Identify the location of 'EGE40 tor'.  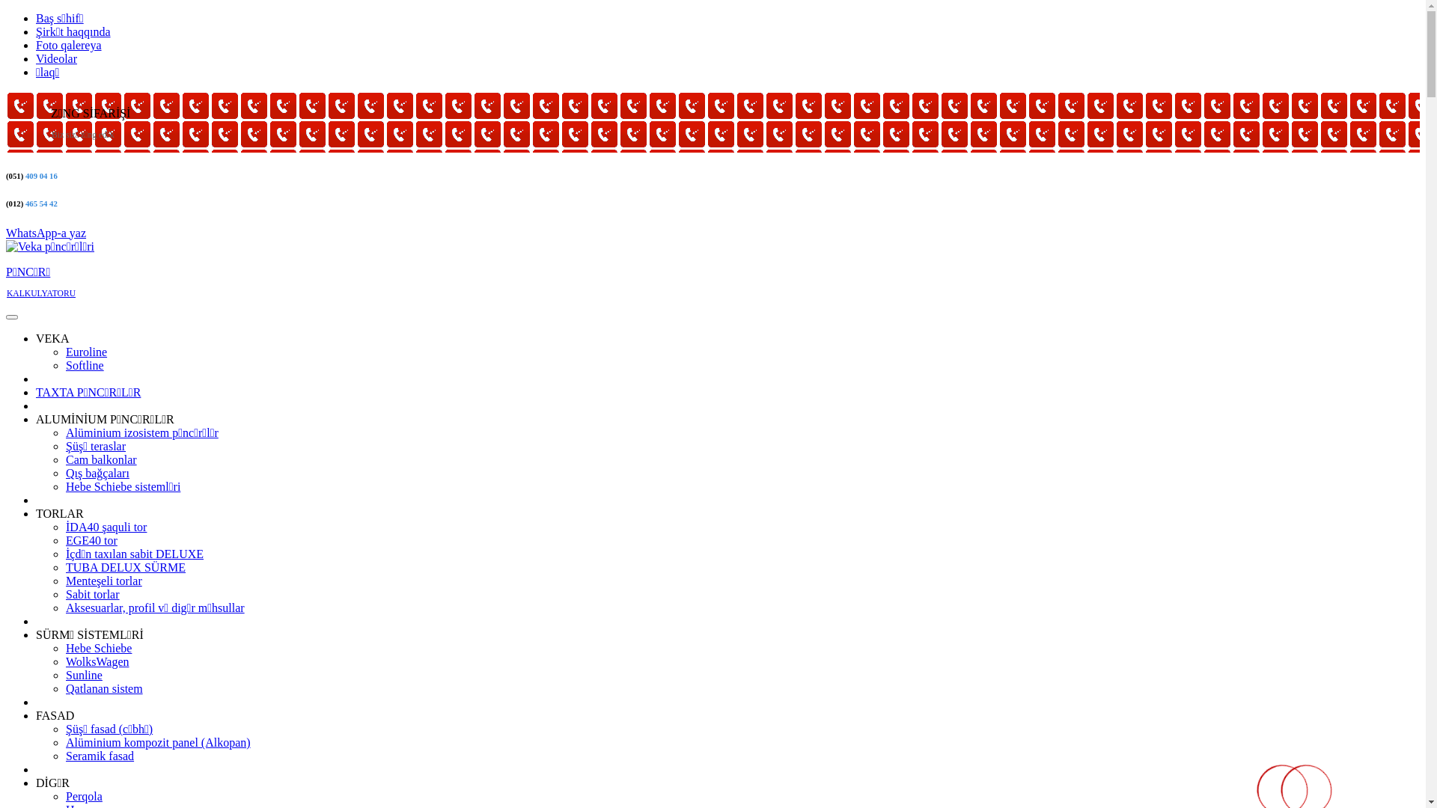
(91, 540).